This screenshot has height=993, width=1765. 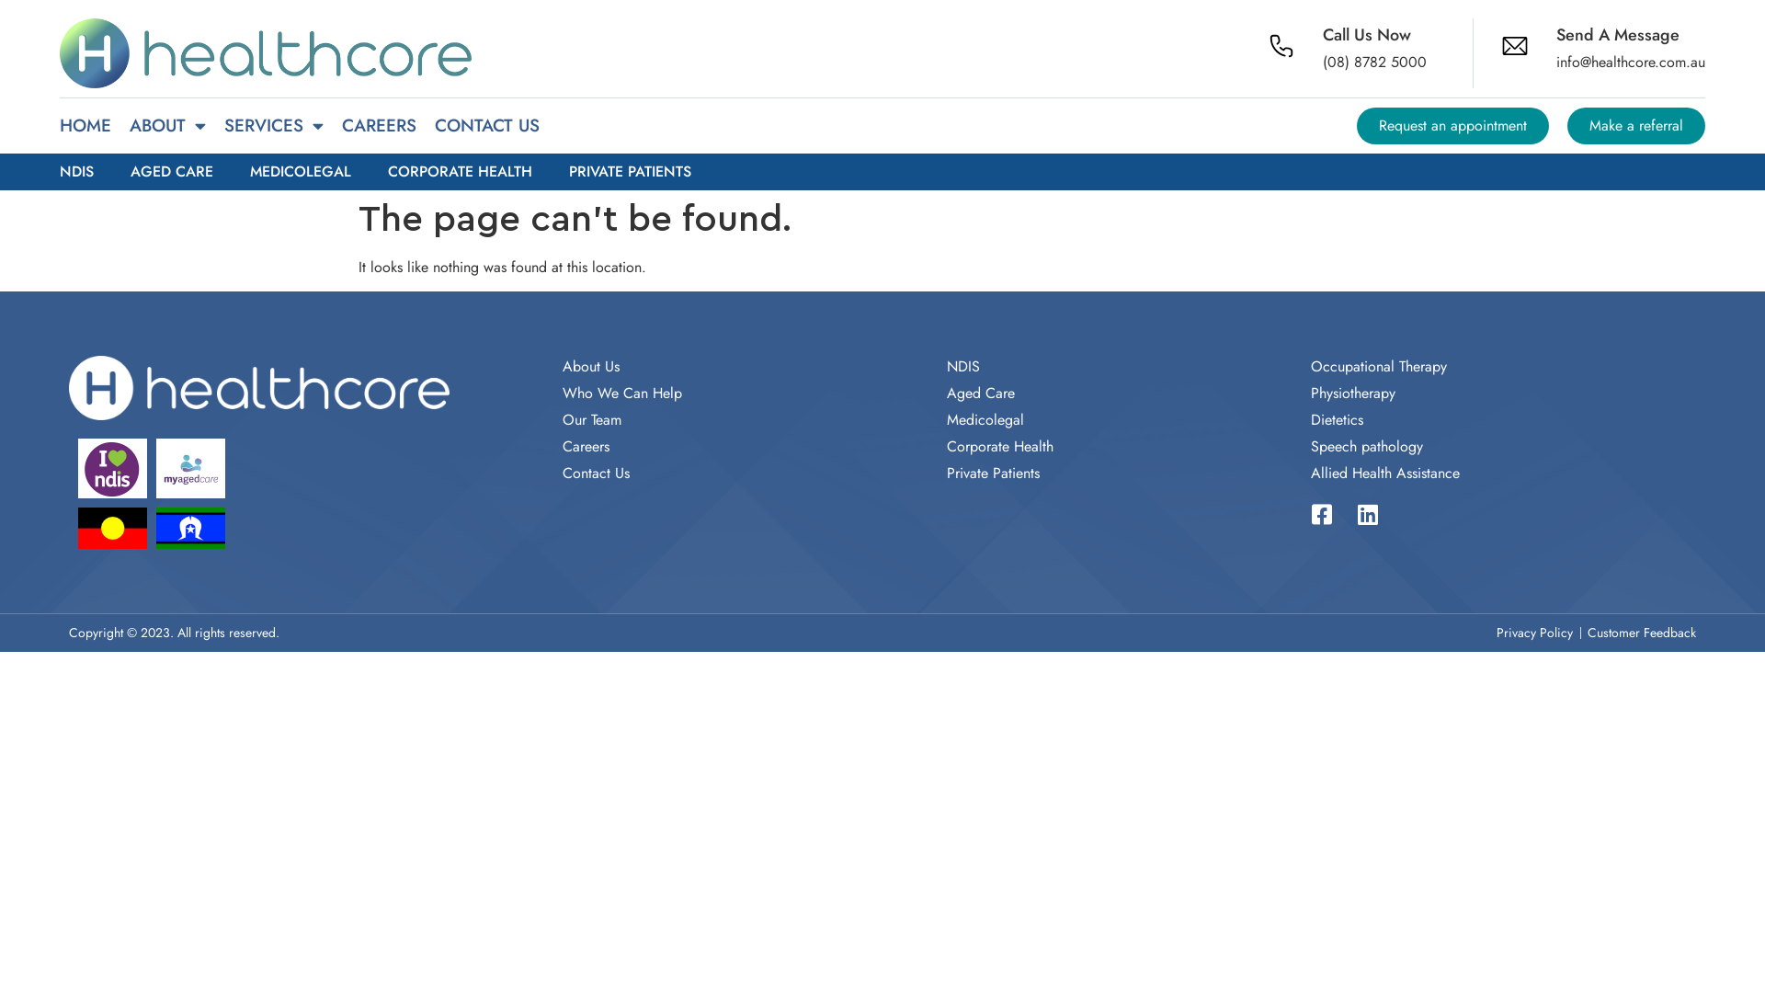 I want to click on 'ABOUT', so click(x=167, y=125).